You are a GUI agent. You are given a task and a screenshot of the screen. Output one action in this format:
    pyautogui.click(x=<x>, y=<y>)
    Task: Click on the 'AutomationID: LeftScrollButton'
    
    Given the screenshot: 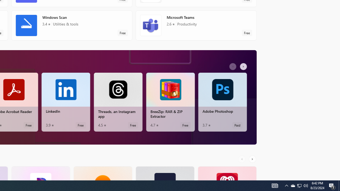 What is the action you would take?
    pyautogui.click(x=242, y=159)
    